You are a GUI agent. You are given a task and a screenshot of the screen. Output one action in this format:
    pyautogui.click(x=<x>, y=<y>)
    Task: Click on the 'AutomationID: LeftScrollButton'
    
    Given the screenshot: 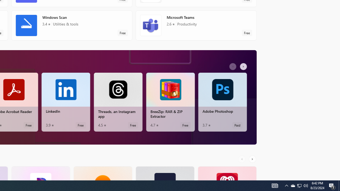 What is the action you would take?
    pyautogui.click(x=242, y=159)
    